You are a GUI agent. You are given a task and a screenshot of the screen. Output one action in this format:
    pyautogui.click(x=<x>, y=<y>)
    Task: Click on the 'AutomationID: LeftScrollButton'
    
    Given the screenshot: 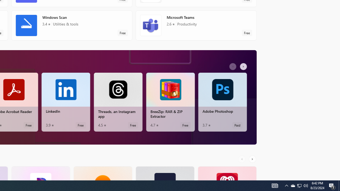 What is the action you would take?
    pyautogui.click(x=242, y=159)
    